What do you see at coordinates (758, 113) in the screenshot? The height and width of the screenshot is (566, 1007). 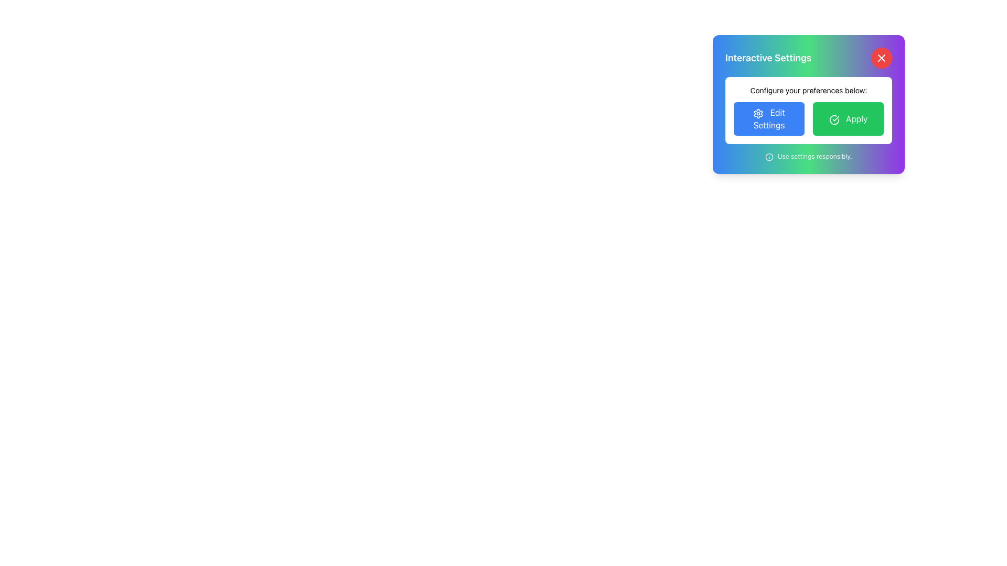 I see `the outer gear shape of the settings icon located in the top-right part of the interface, near the 'Interactive Settings' panel header` at bounding box center [758, 113].